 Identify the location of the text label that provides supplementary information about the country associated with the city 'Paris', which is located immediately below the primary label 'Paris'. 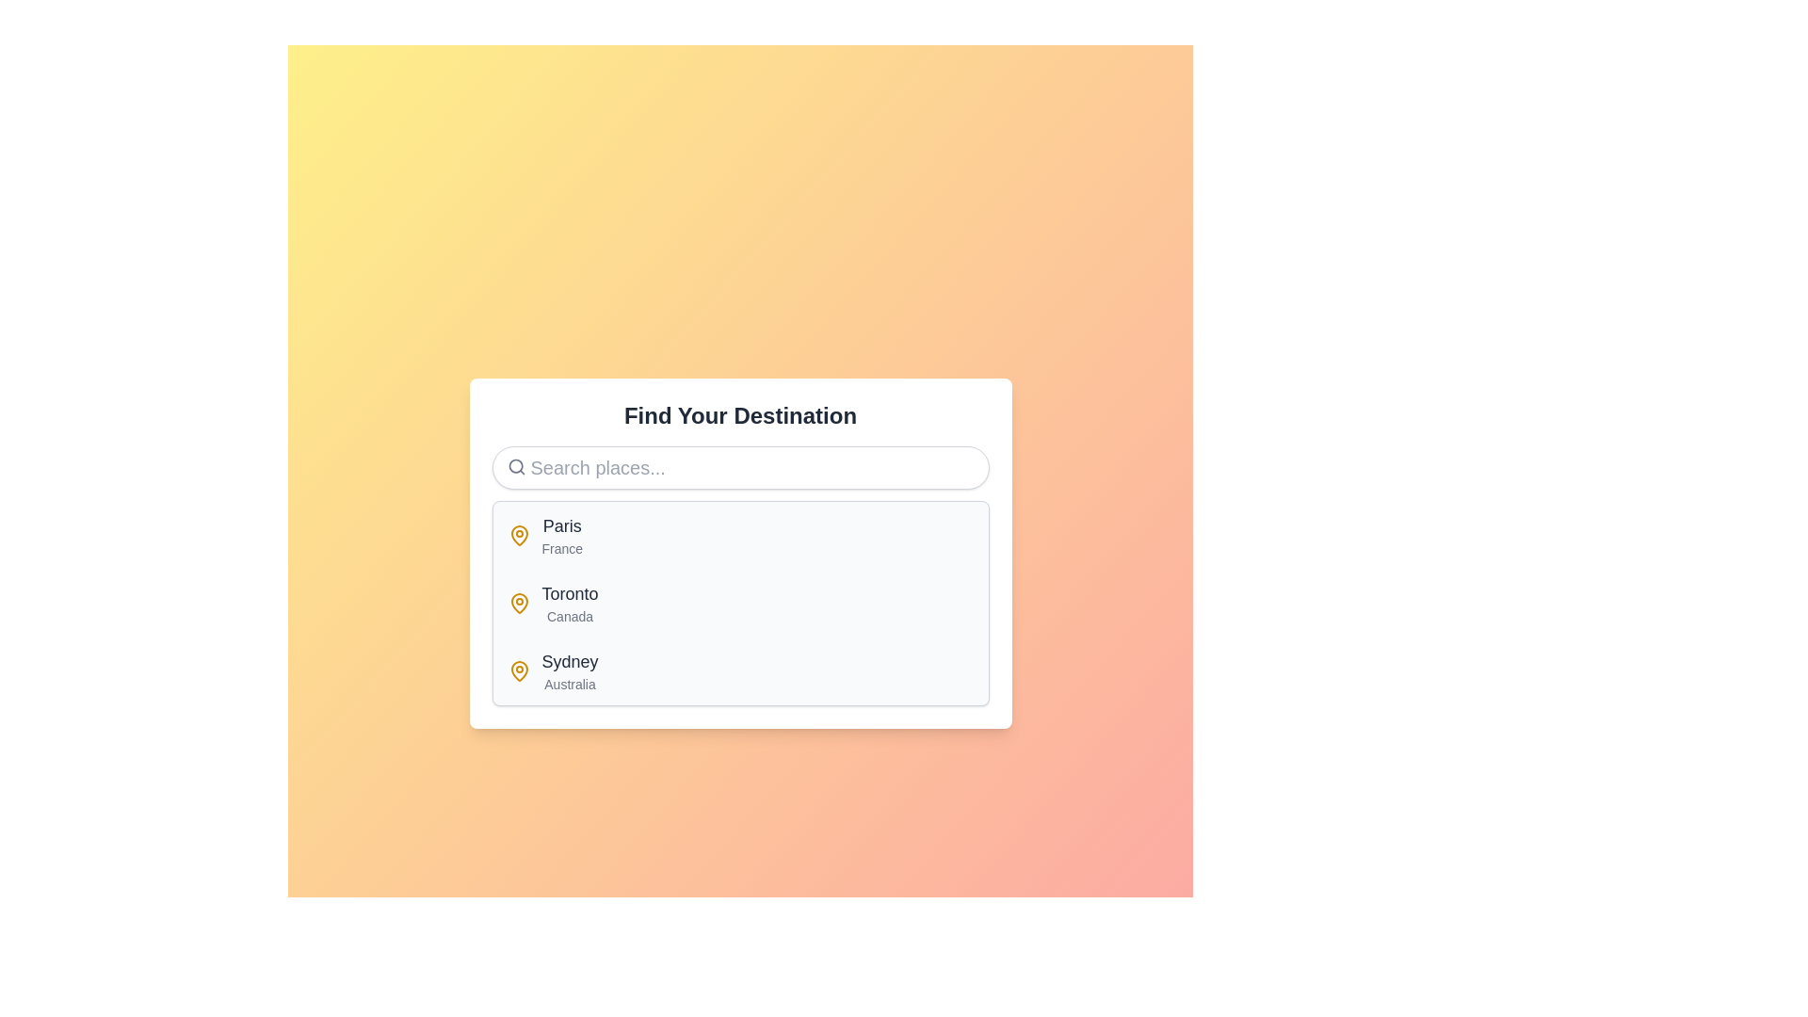
(561, 548).